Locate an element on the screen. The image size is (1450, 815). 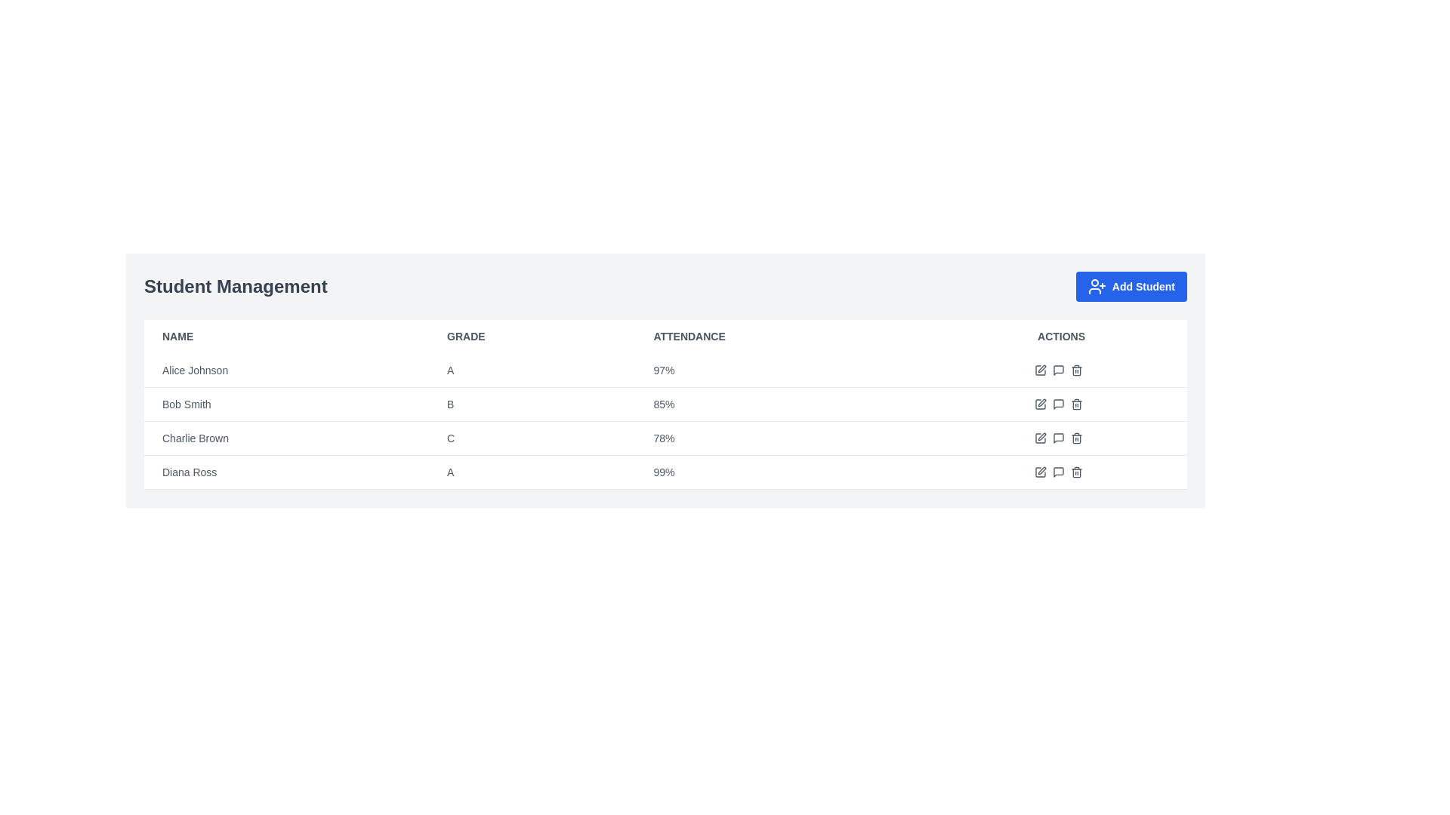
the text label displaying 'Bob Smith' in the second row of the 'Student Management' table under the 'NAME' column is located at coordinates (186, 404).